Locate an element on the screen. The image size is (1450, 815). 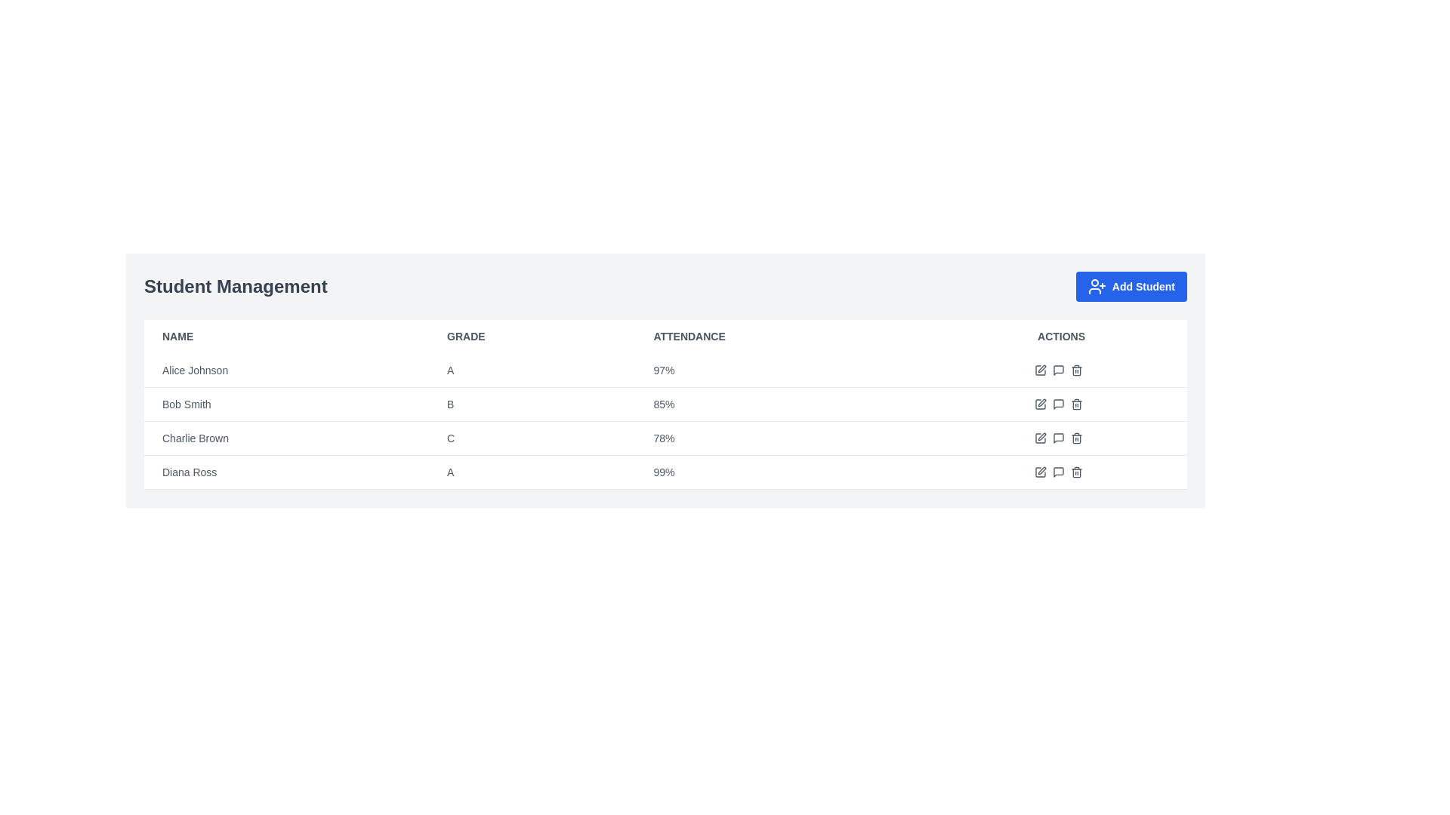
the text label displaying 'Bob Smith' in the second row of the 'Student Management' table under the 'NAME' column is located at coordinates (186, 404).